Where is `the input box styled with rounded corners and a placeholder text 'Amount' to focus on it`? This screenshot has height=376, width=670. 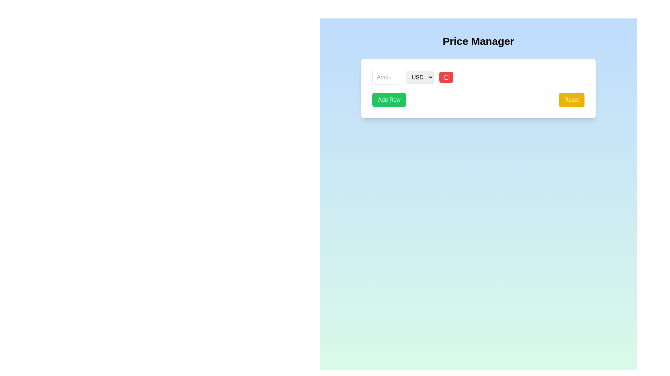 the input box styled with rounded corners and a placeholder text 'Amount' to focus on it is located at coordinates (386, 77).